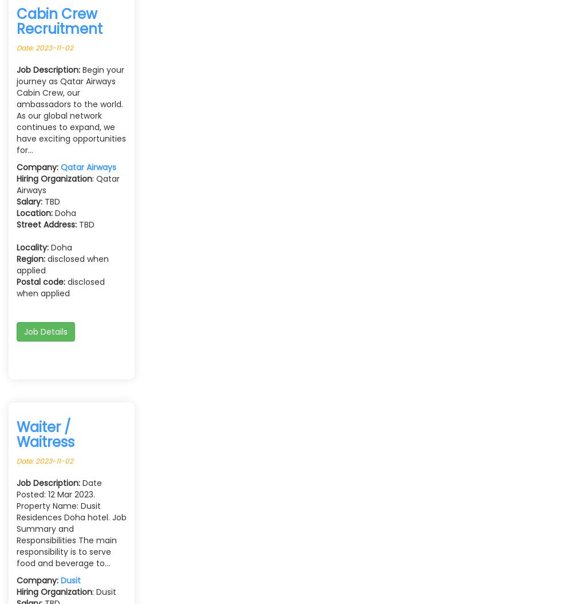 This screenshot has height=604, width=567. I want to click on 'Date Posted: 12 Mar 2023. Property Name: Dusit Residences Doha hotel. Job Summary and Responsibilities The main responsibility is to serve food and beverage to…', so click(71, 522).